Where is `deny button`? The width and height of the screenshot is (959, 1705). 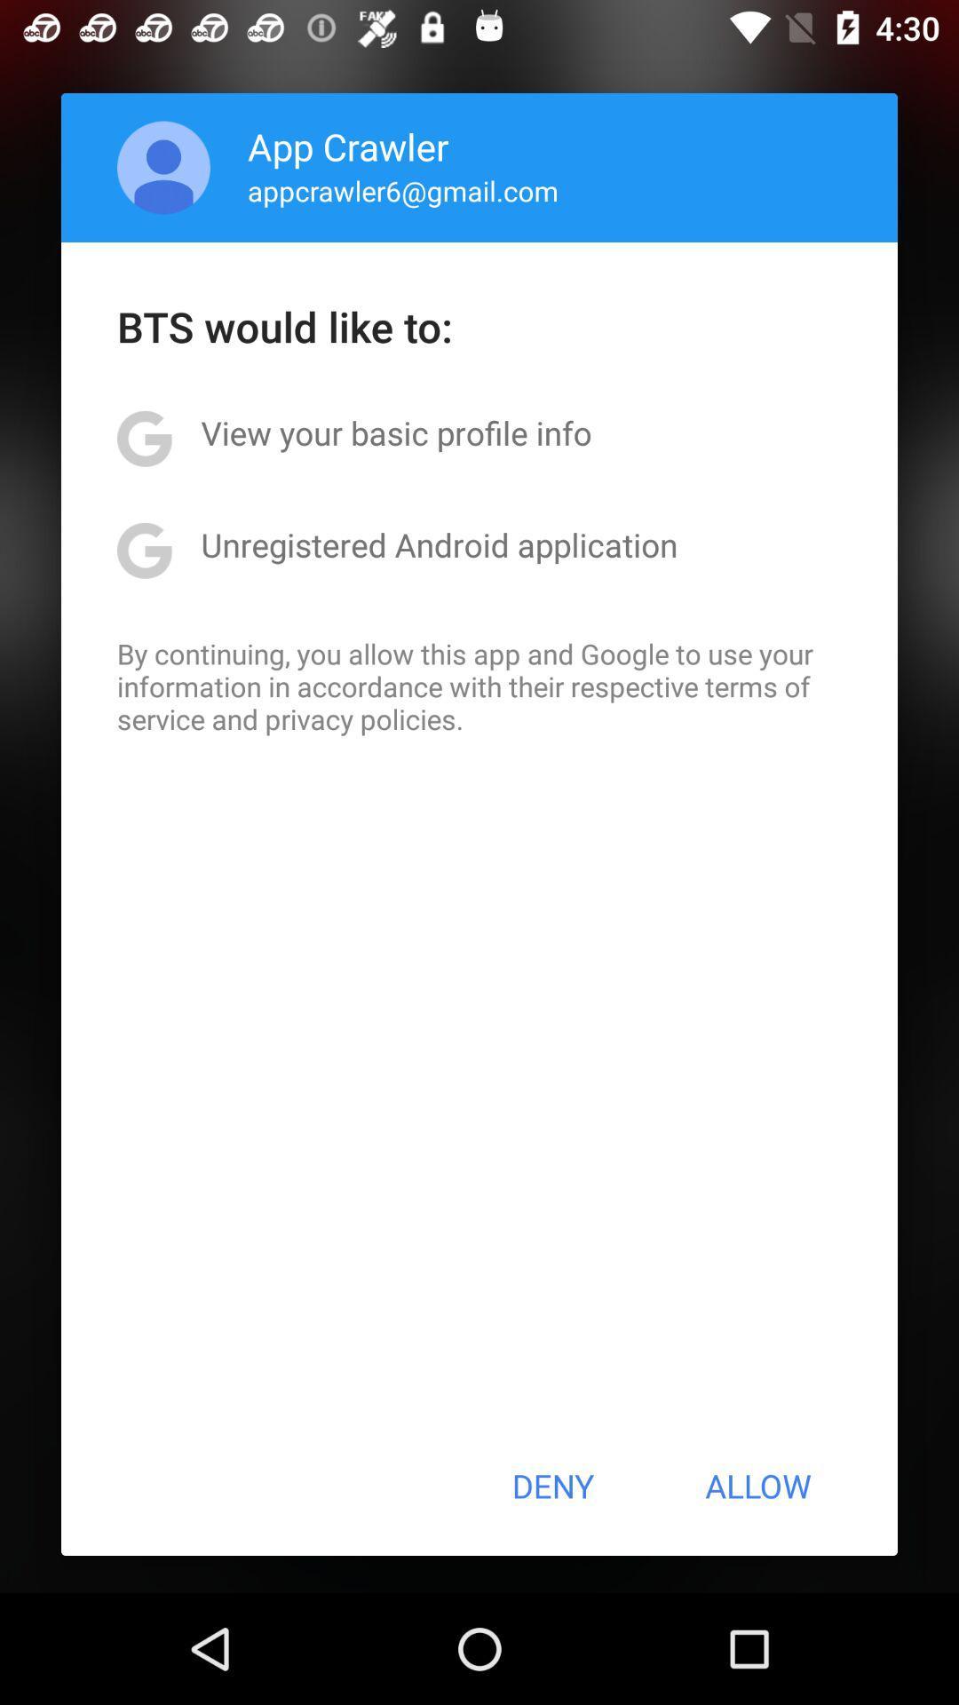
deny button is located at coordinates (551, 1486).